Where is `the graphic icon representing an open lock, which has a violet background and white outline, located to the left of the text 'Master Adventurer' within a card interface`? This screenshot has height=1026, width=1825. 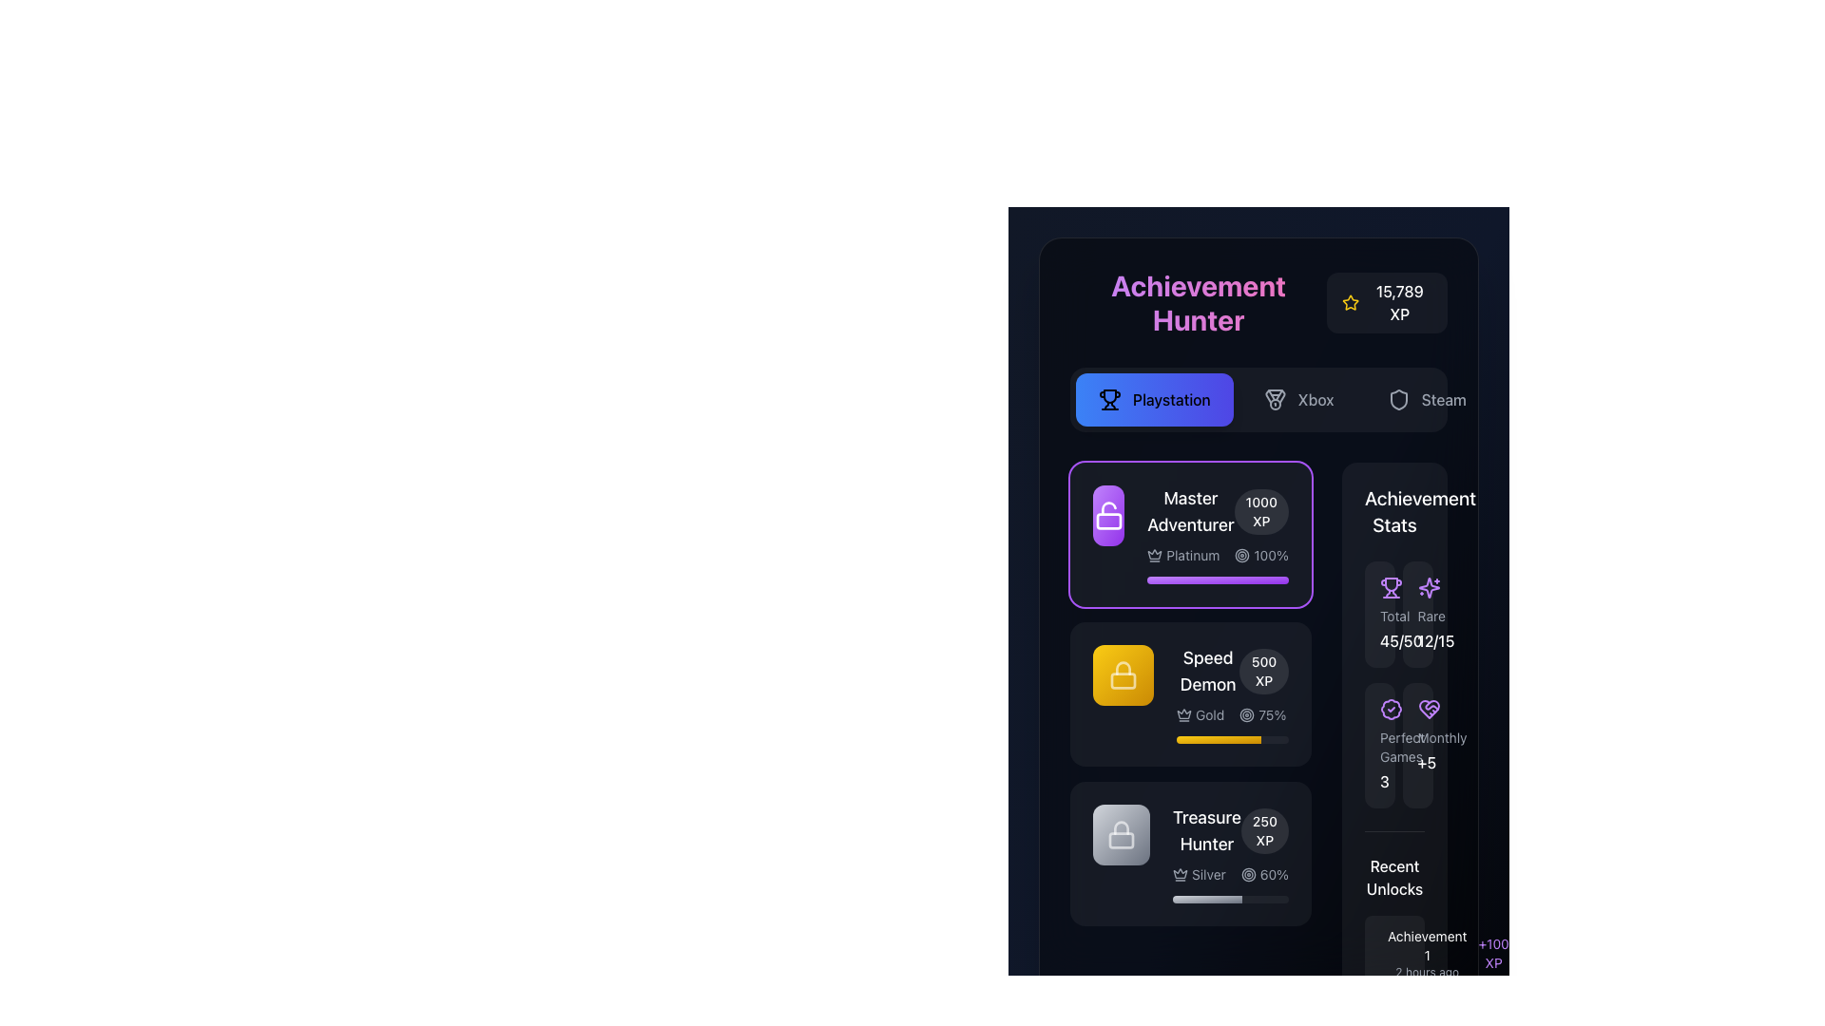
the graphic icon representing an open lock, which has a violet background and white outline, located to the left of the text 'Master Adventurer' within a card interface is located at coordinates (1108, 521).